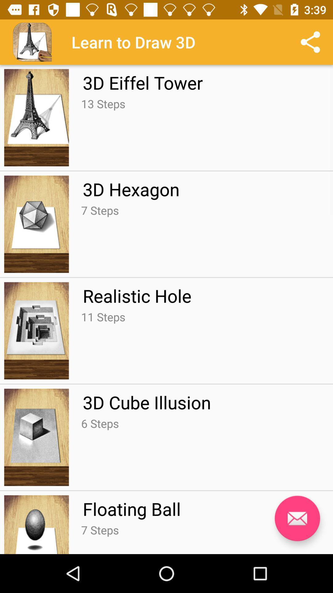 The height and width of the screenshot is (593, 333). What do you see at coordinates (297, 518) in the screenshot?
I see `compose email` at bounding box center [297, 518].